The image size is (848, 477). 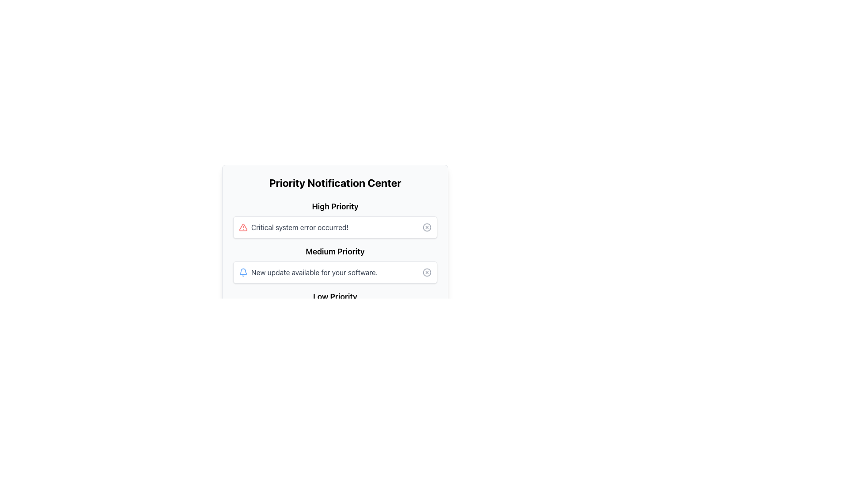 What do you see at coordinates (427, 272) in the screenshot?
I see `the SVG Circle that symbolizes a status or action related to the notification item, located next to the 'Critical system error occurred!' text` at bounding box center [427, 272].